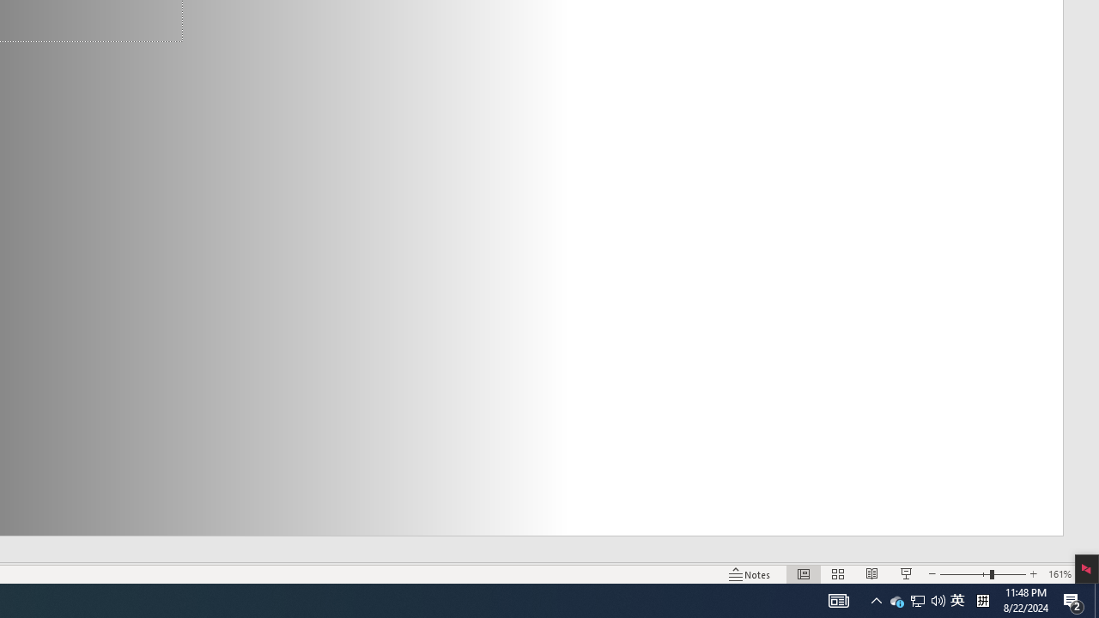  Describe the element at coordinates (1033, 574) in the screenshot. I see `'Zoom In'` at that location.